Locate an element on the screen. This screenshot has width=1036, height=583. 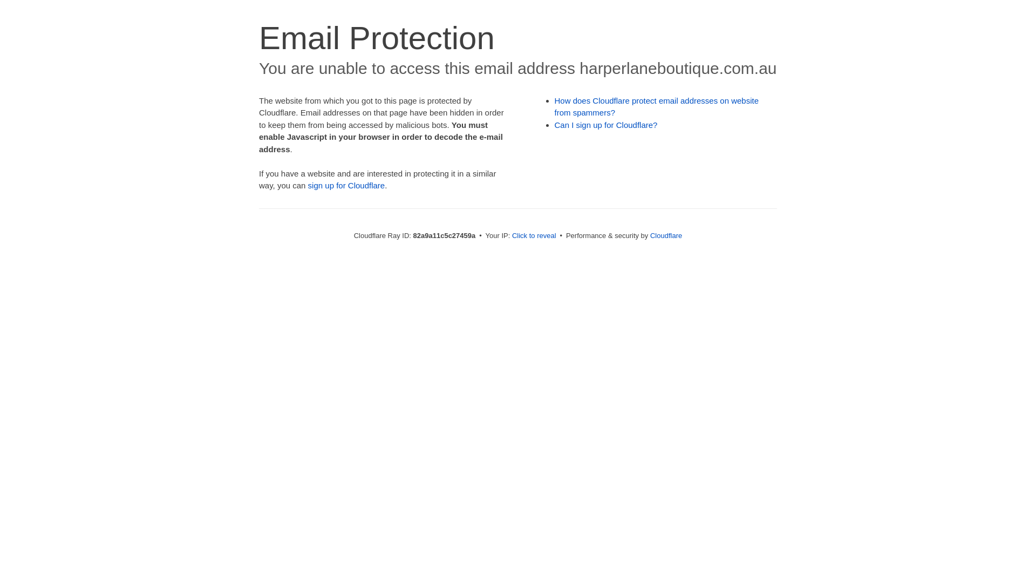
'Click to reveal' is located at coordinates (512, 235).